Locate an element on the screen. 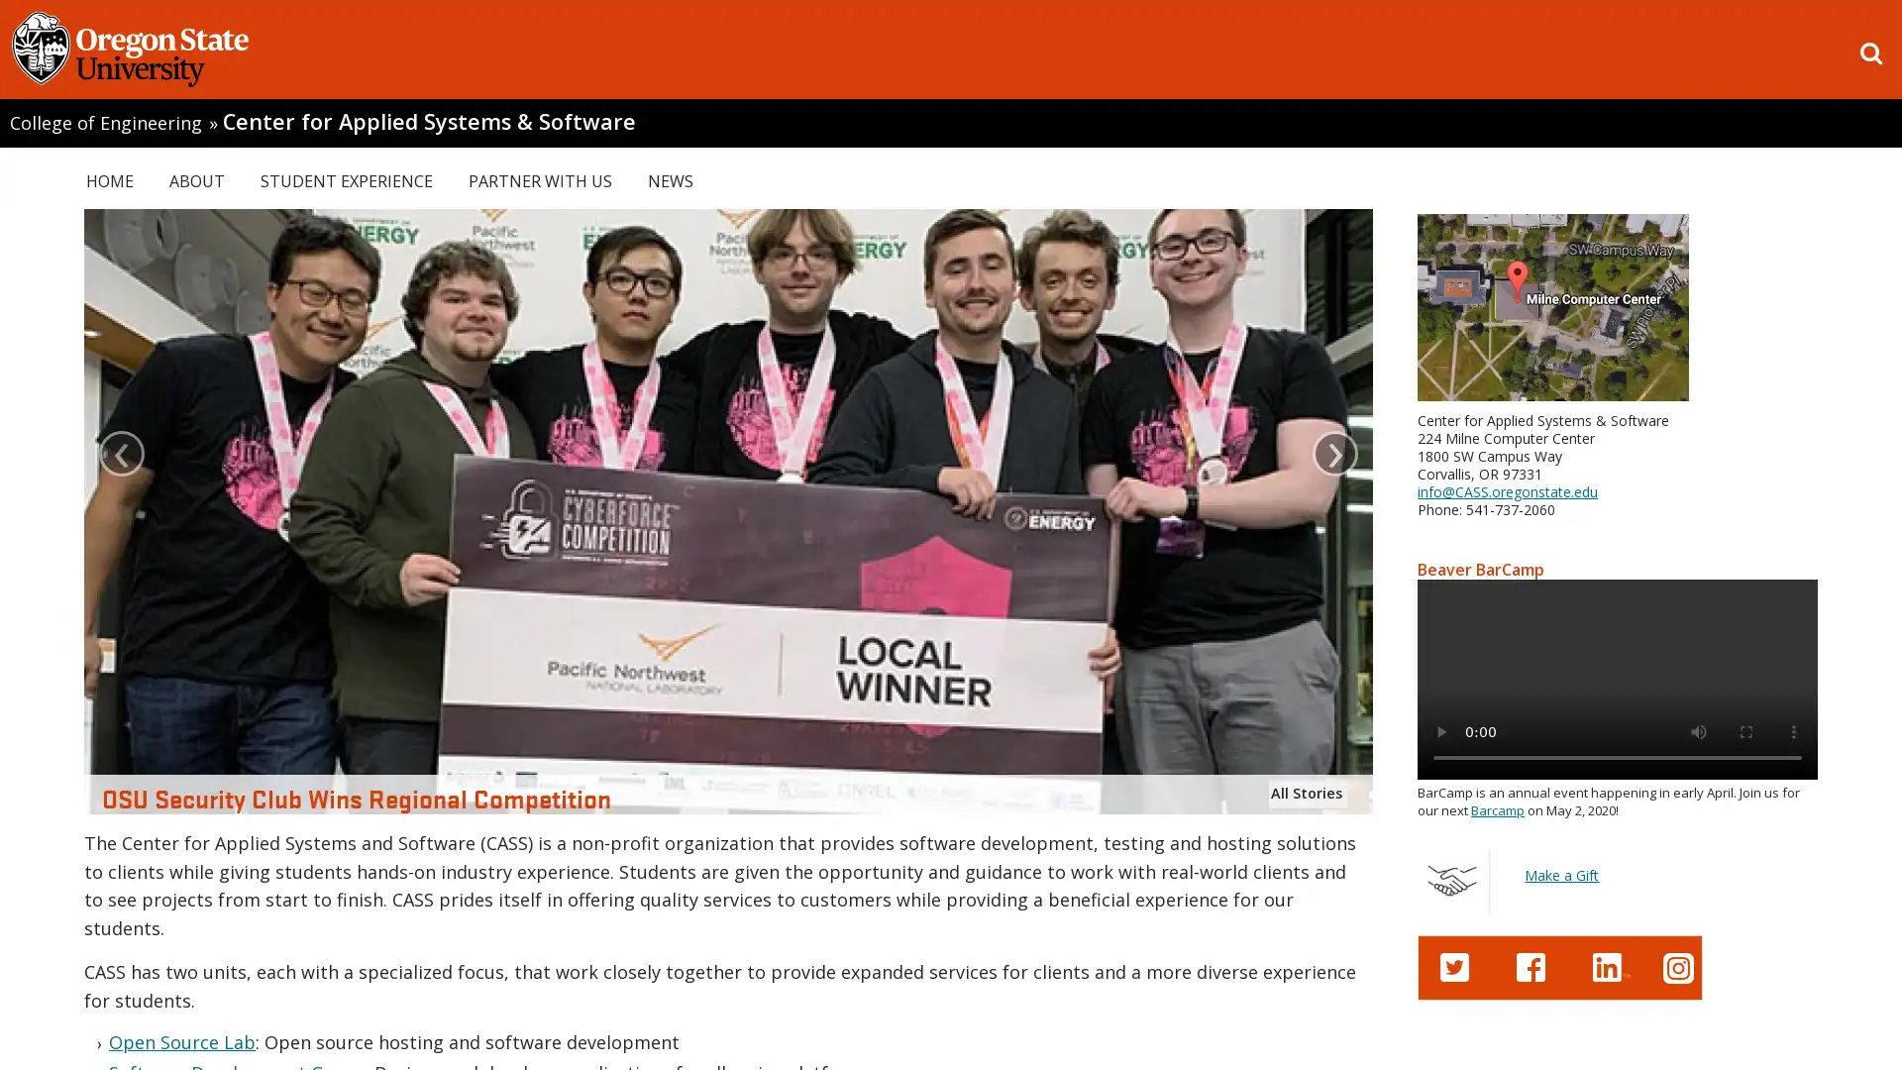 The image size is (1902, 1070). play is located at coordinates (1440, 730).